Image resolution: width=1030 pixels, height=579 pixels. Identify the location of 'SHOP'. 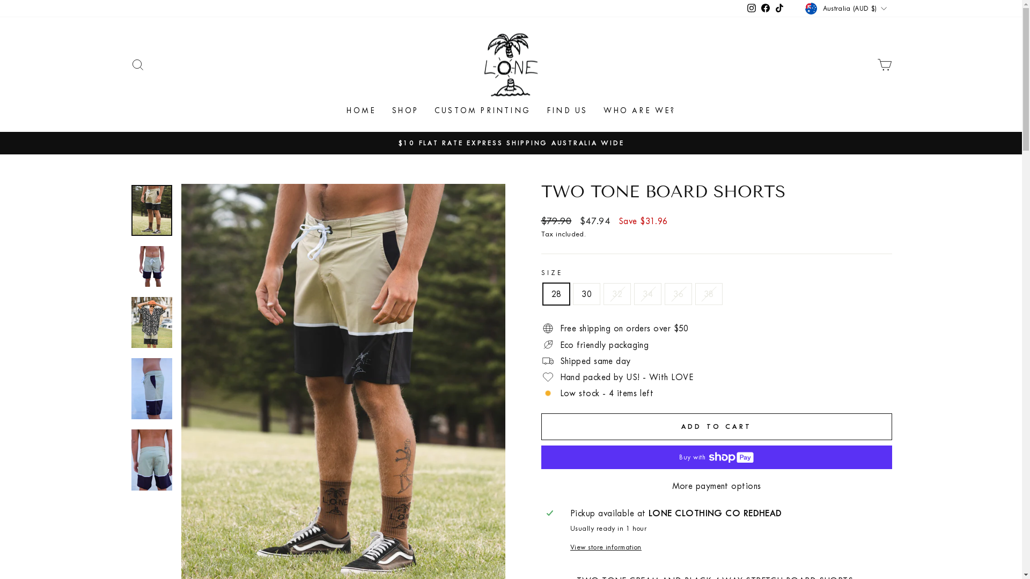
(404, 111).